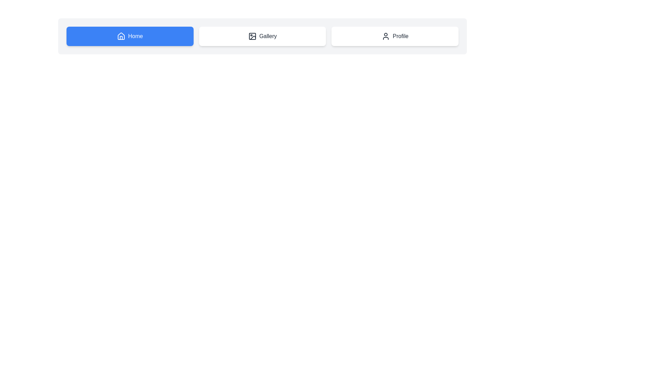  I want to click on the 'Home' button to navigate to the Home section, so click(130, 36).